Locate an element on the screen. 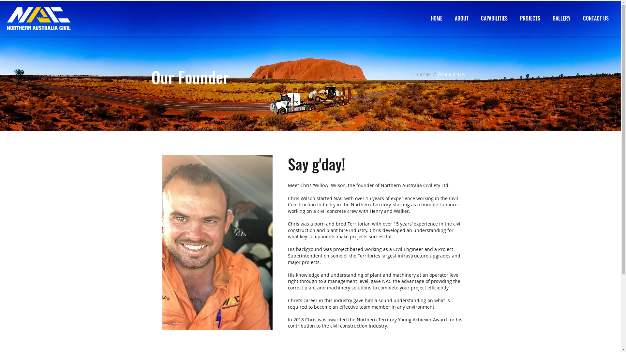 Image resolution: width=626 pixels, height=352 pixels. 'CONTACT US' is located at coordinates (576, 18).